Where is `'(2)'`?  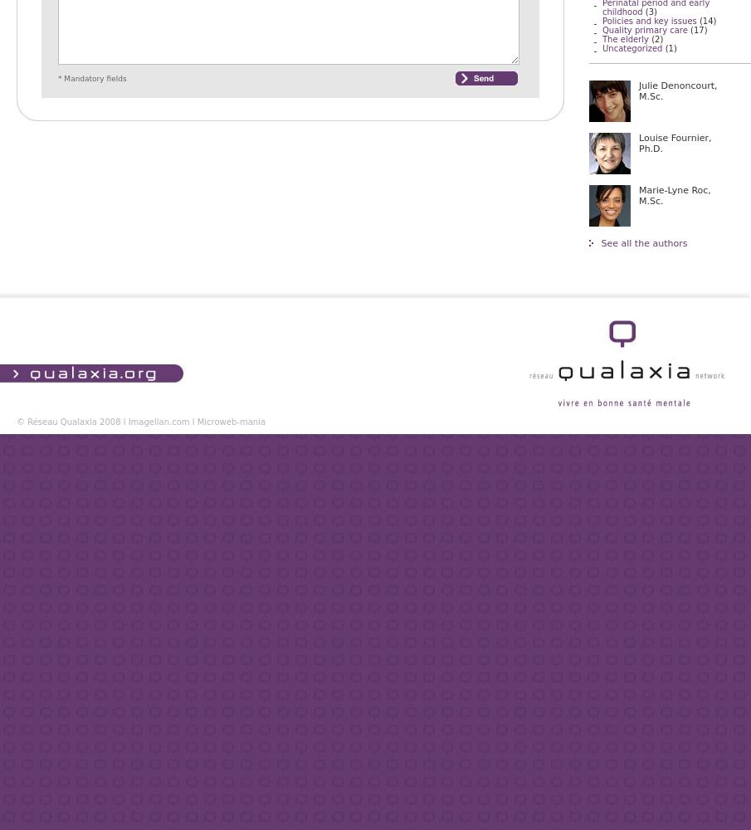 '(2)' is located at coordinates (649, 39).